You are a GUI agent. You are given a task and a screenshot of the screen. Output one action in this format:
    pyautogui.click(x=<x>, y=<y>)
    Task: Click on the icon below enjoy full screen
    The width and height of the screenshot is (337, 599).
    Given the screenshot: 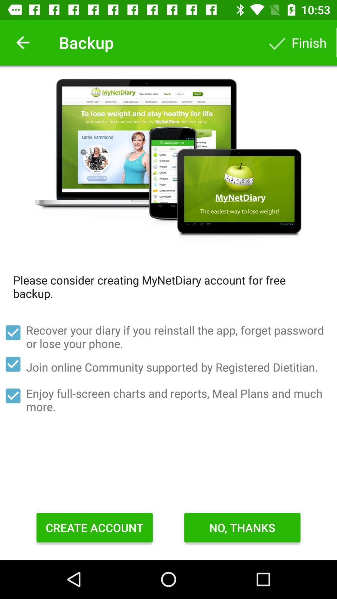 What is the action you would take?
    pyautogui.click(x=95, y=527)
    